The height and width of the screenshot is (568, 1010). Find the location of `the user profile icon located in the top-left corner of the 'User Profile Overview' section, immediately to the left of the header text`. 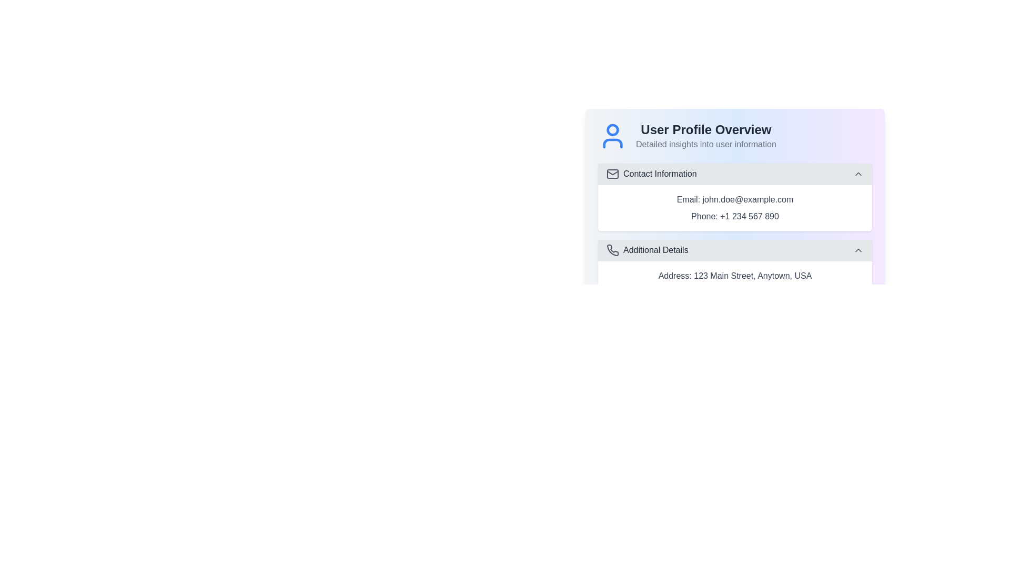

the user profile icon located in the top-left corner of the 'User Profile Overview' section, immediately to the left of the header text is located at coordinates (613, 135).